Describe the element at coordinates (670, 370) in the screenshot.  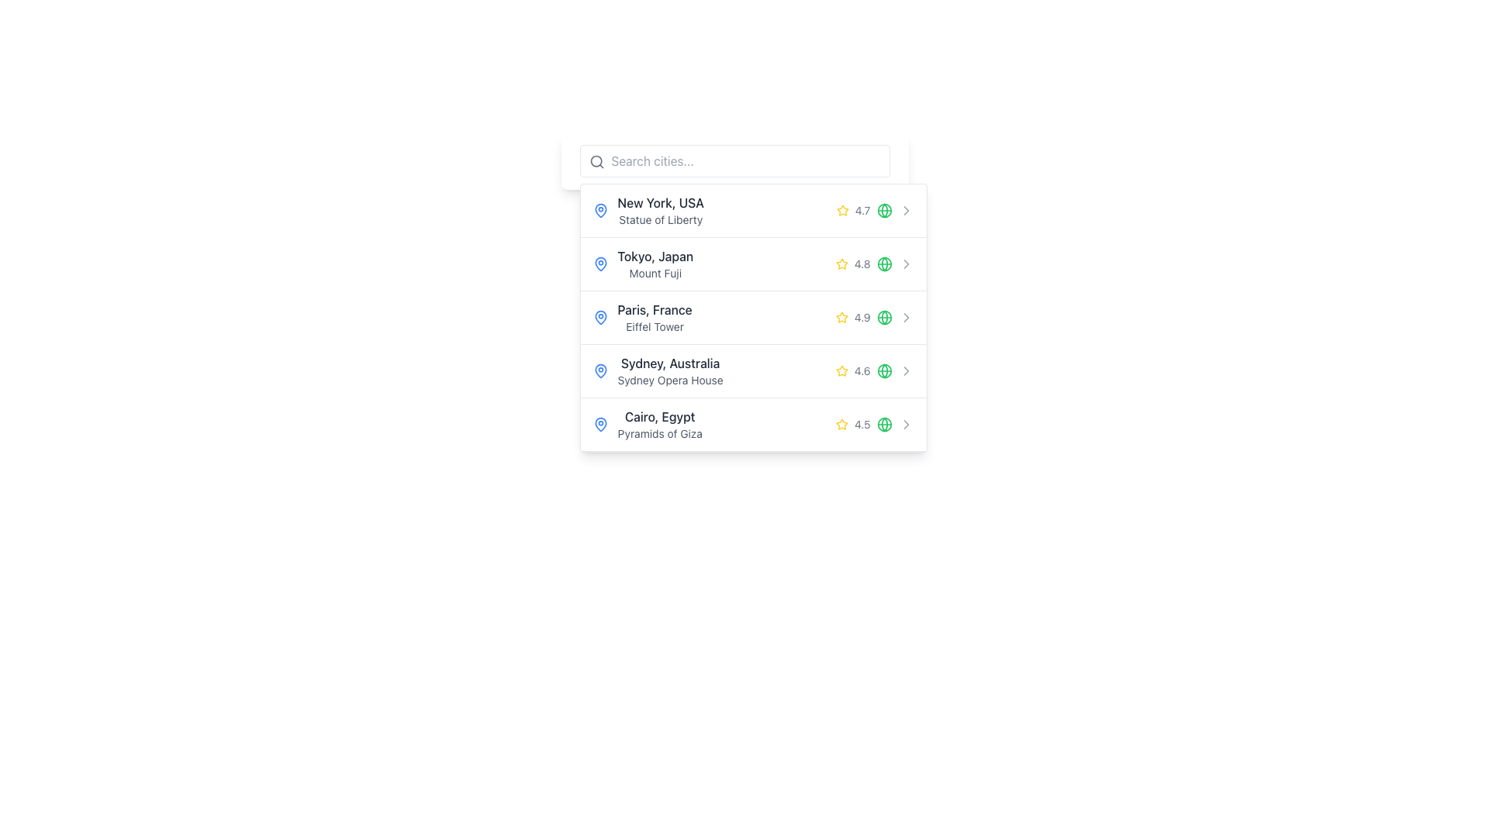
I see `the Text Display containing 'Sydney, Australia'` at that location.